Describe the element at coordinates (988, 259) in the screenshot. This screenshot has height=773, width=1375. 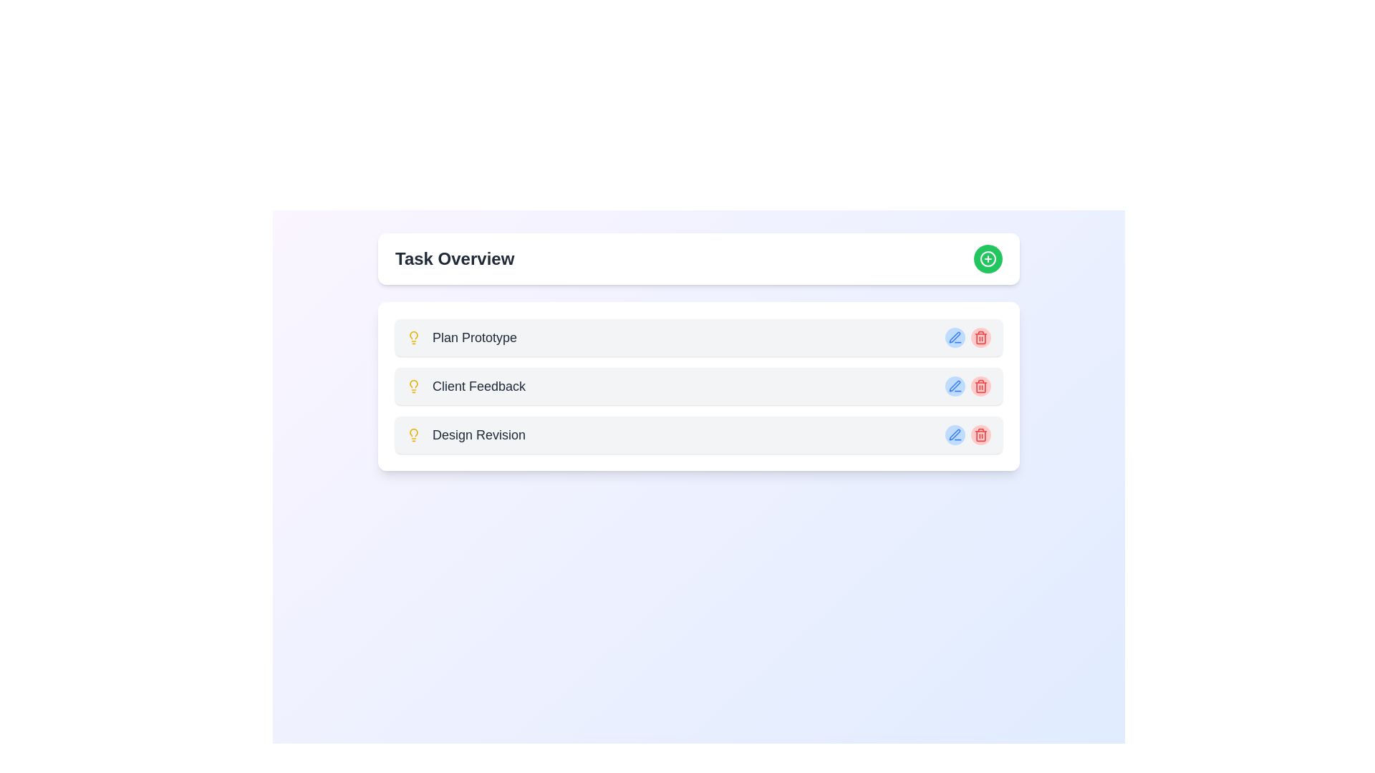
I see `the interactive button located in the top-right corner of the 'Task Overview' header` at that location.